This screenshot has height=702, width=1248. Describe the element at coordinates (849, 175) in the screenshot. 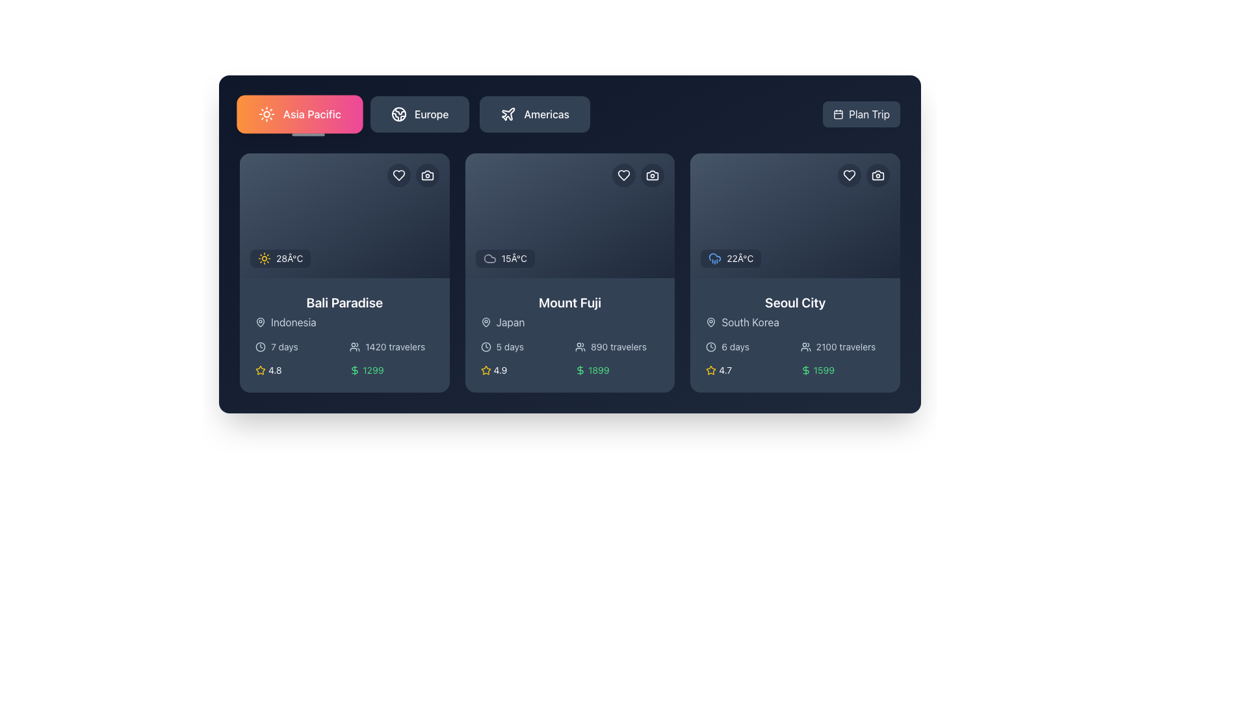

I see `the heart icon in the circular button at the top right corner of the 'Seoul City' card` at that location.